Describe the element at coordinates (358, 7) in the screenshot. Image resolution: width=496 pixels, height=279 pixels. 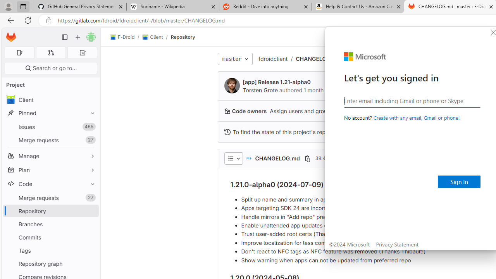
I see `'Help & Contact Us - Amazon Customer Service'` at that location.